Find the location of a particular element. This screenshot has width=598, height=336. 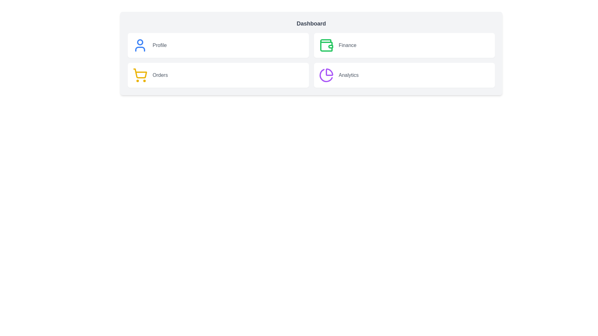

the 'Analytics' button-like card located at the bottom right corner of the grid is located at coordinates (404, 75).